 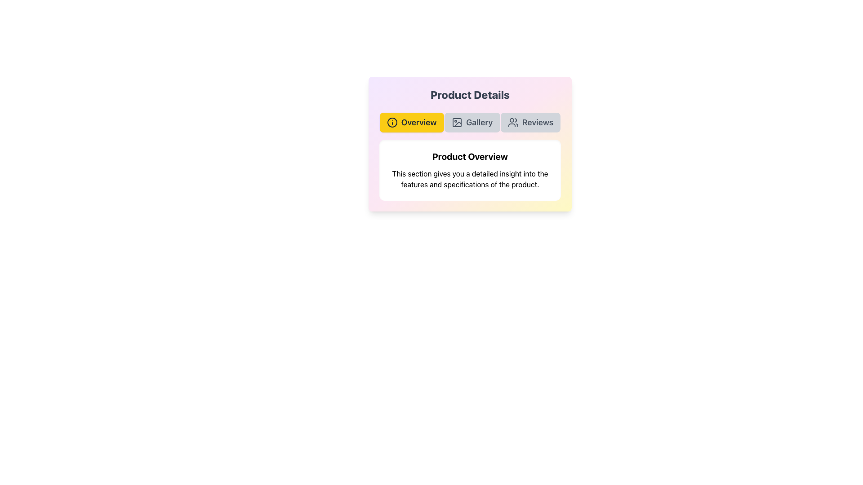 I want to click on the decorative SVG shape embedded in the Gallery icon, which signifies the 'Gallery' button in the central tab bar of the 'Product Details' interface, so click(x=457, y=123).